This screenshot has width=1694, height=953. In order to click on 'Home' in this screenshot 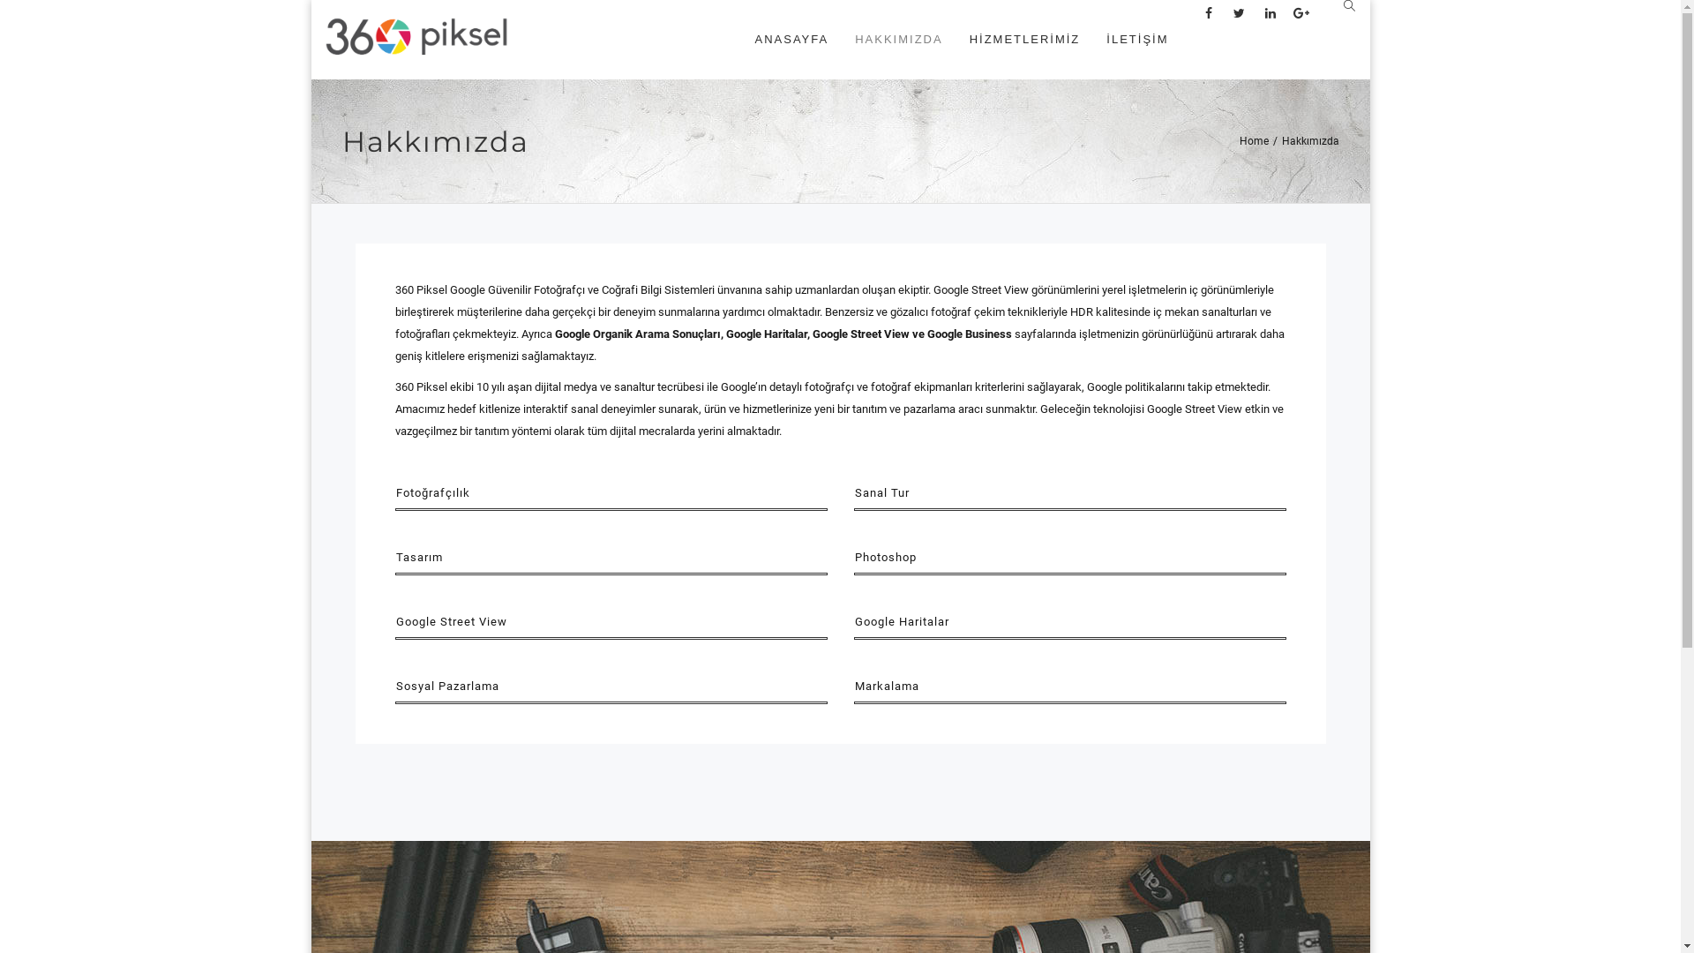, I will do `click(1252, 139)`.